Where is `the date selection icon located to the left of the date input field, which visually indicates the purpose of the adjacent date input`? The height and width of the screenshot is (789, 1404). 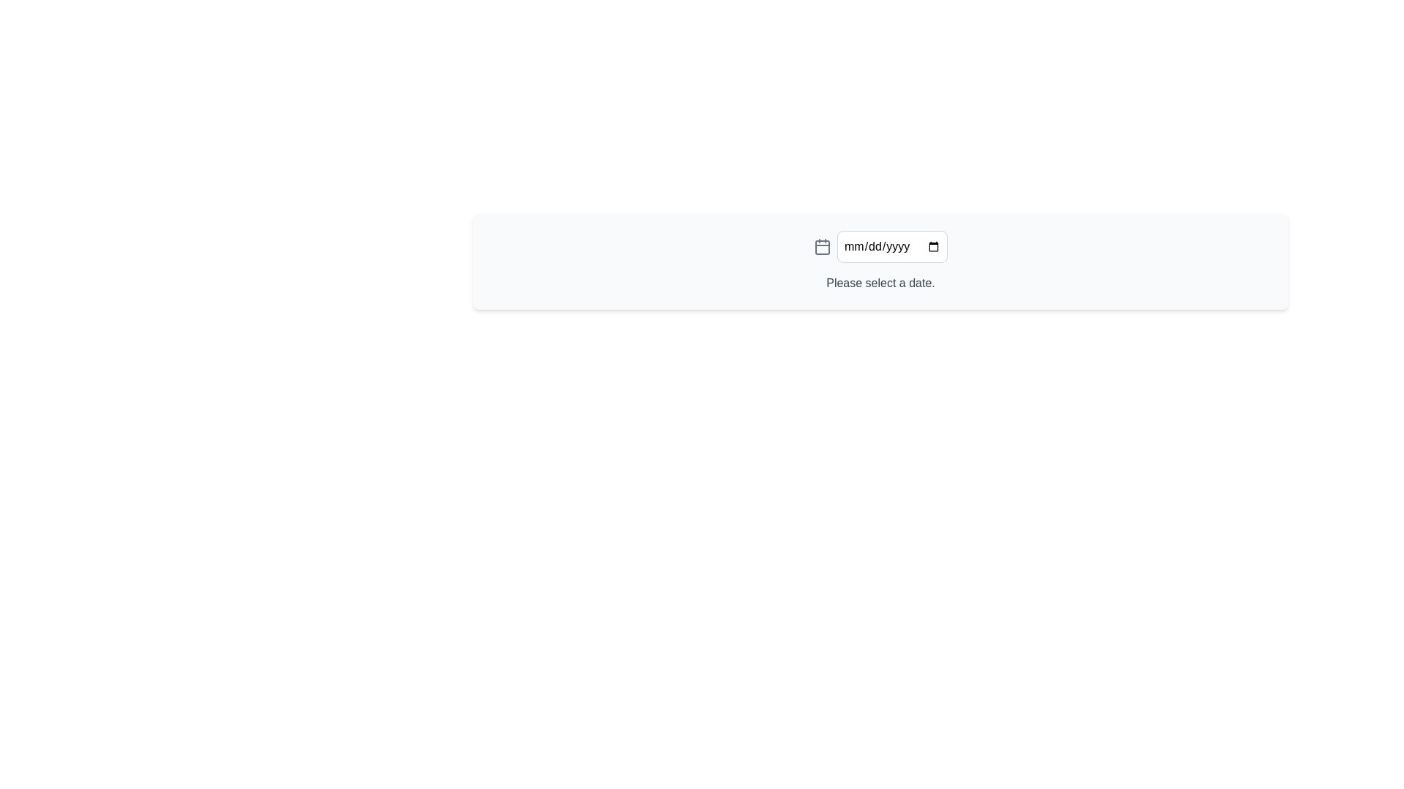
the date selection icon located to the left of the date input field, which visually indicates the purpose of the adjacent date input is located at coordinates (822, 246).